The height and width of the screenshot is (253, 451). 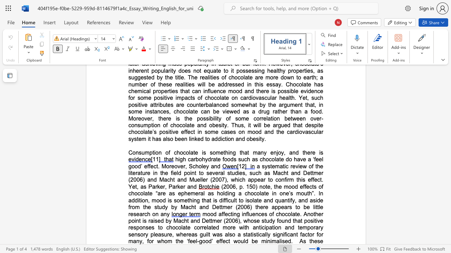 What do you see at coordinates (225, 241) in the screenshot?
I see `the subset text "ct would be mi" within the text "guilt was also a statistically significant factor for many, for whom the ‘feel-good’ effect would be min"` at bounding box center [225, 241].